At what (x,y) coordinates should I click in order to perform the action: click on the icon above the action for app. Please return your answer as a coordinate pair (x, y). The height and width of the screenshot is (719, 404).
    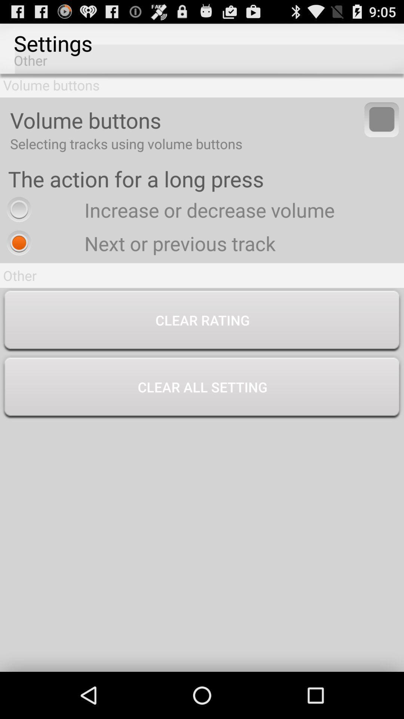
    Looking at the image, I should click on (382, 119).